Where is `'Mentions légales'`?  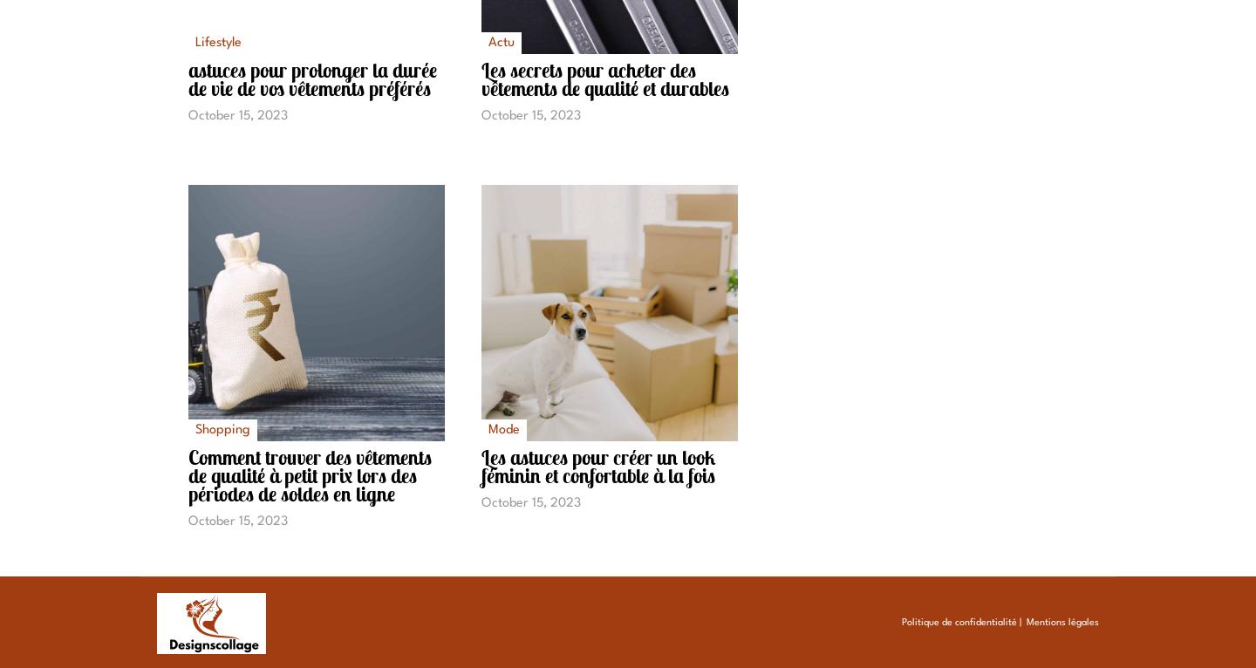
'Mentions légales' is located at coordinates (1060, 622).